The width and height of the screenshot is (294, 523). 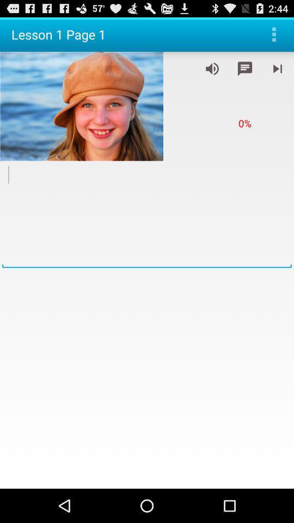 I want to click on the skip_next icon, so click(x=277, y=72).